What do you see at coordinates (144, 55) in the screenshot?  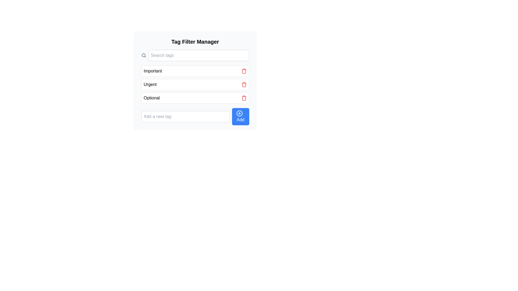 I see `the search icon located in the top-left corner of the 'Tag Filter Manager' interface, next to the 'Search tags' text input field` at bounding box center [144, 55].